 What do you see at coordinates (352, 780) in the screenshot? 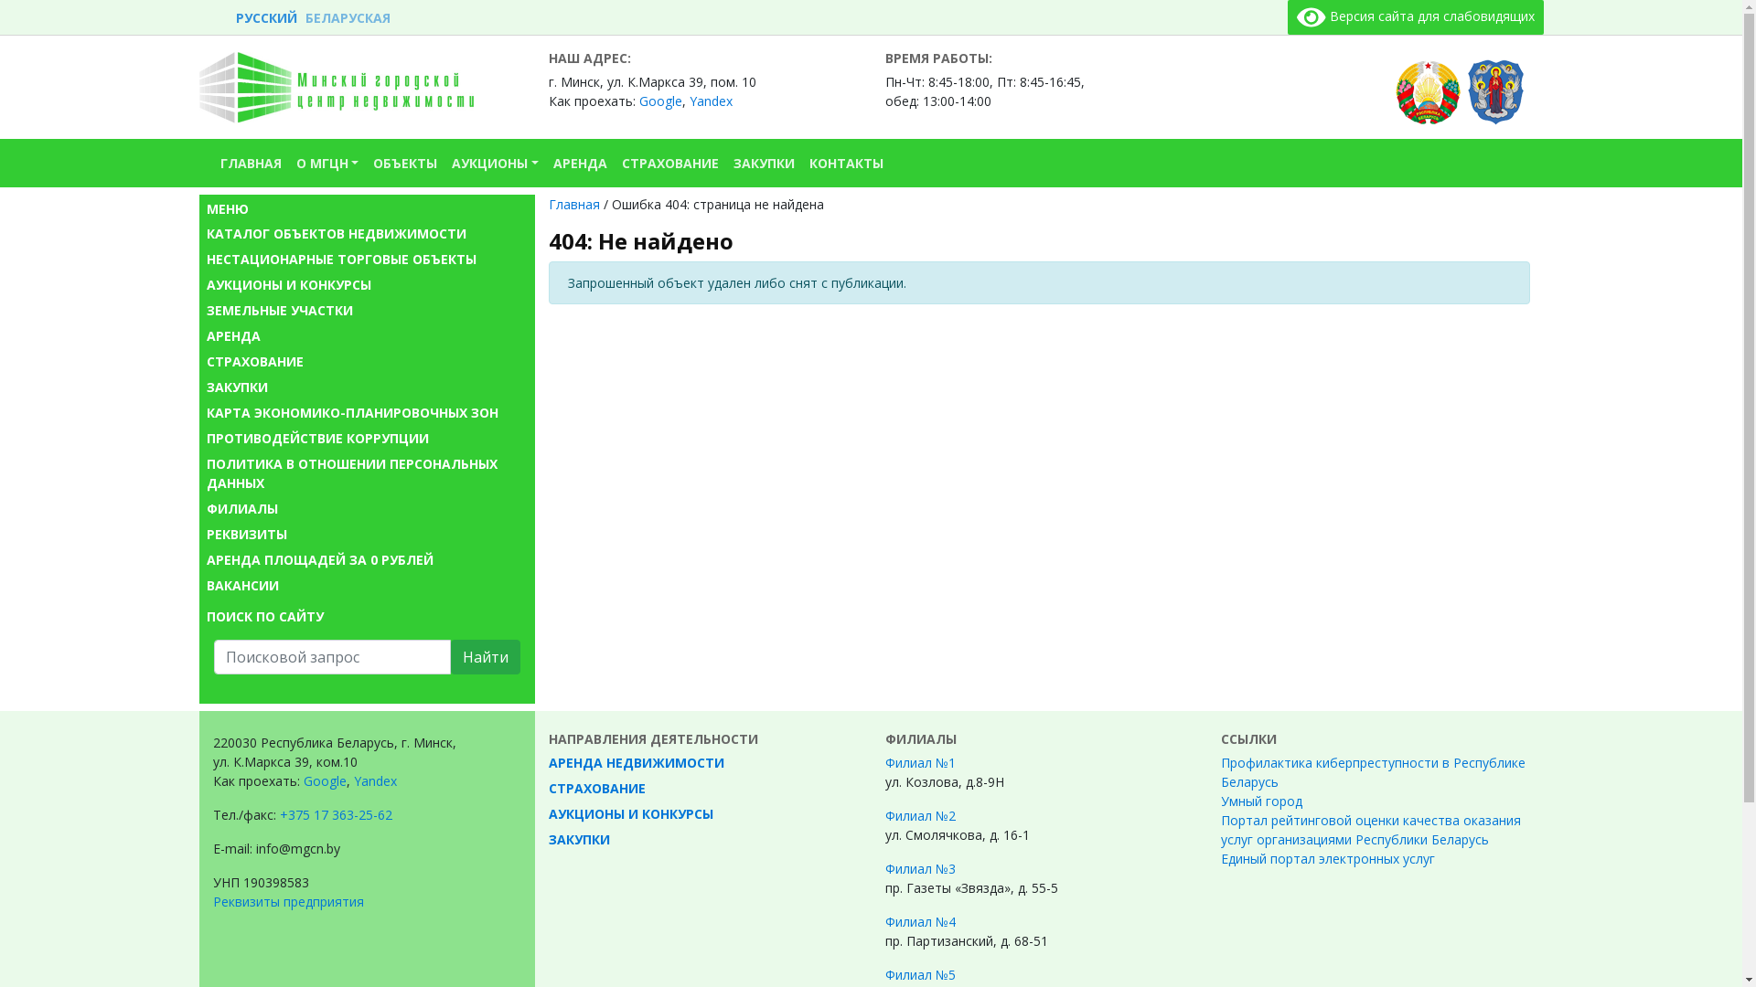
I see `'Yandex'` at bounding box center [352, 780].